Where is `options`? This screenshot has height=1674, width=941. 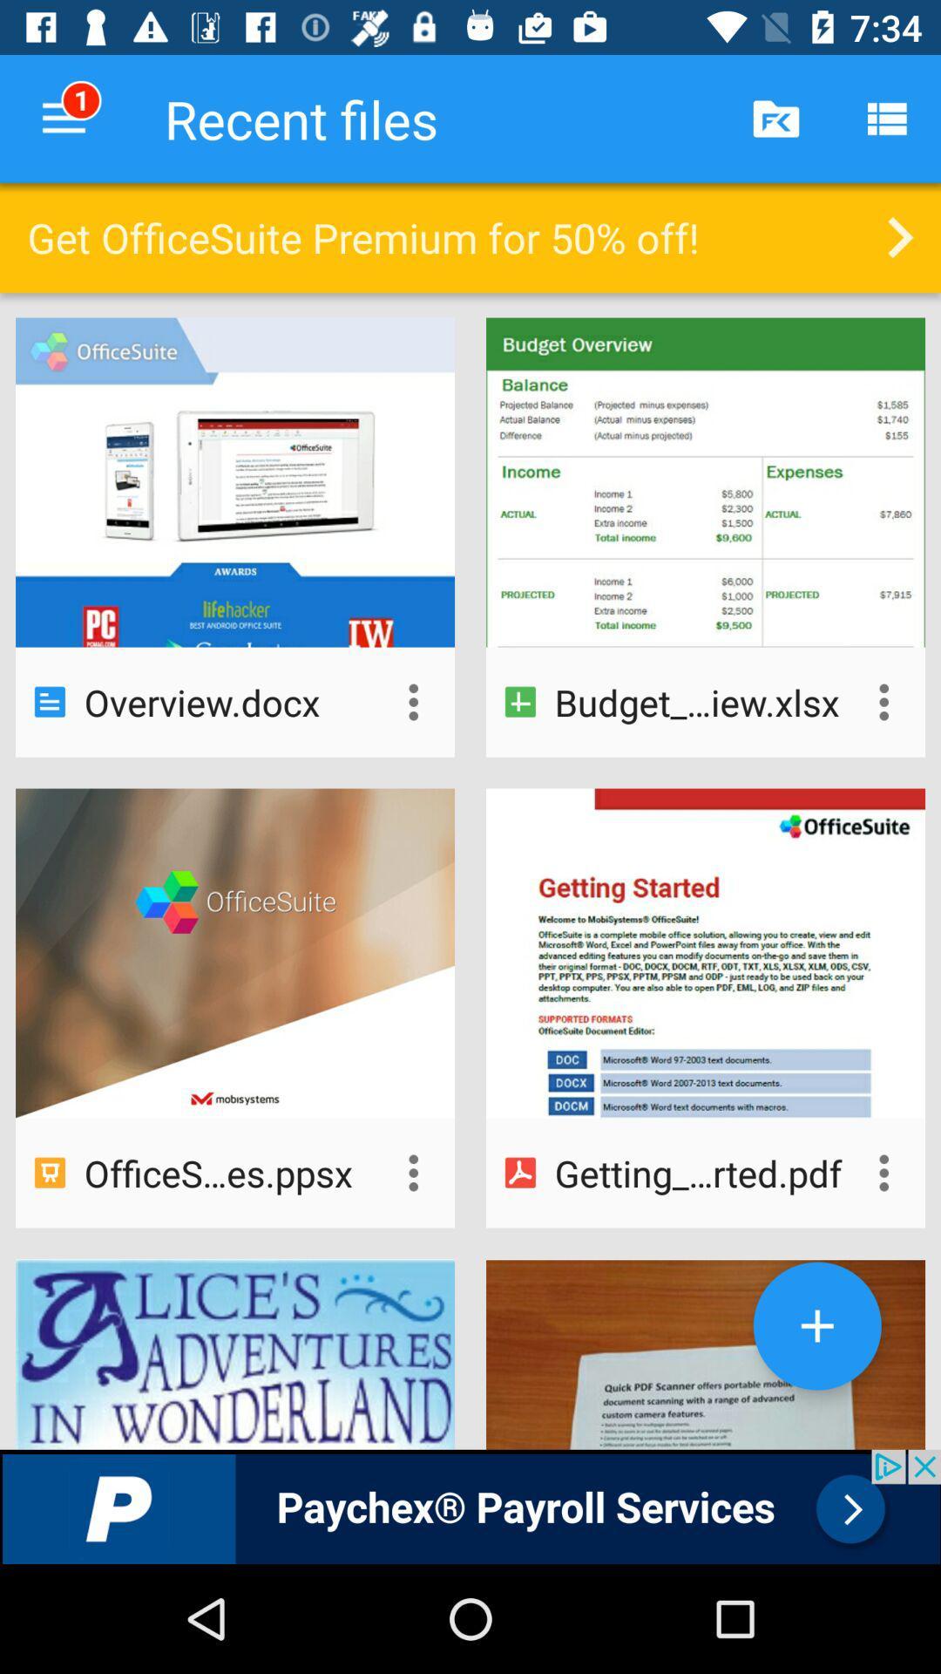 options is located at coordinates (413, 702).